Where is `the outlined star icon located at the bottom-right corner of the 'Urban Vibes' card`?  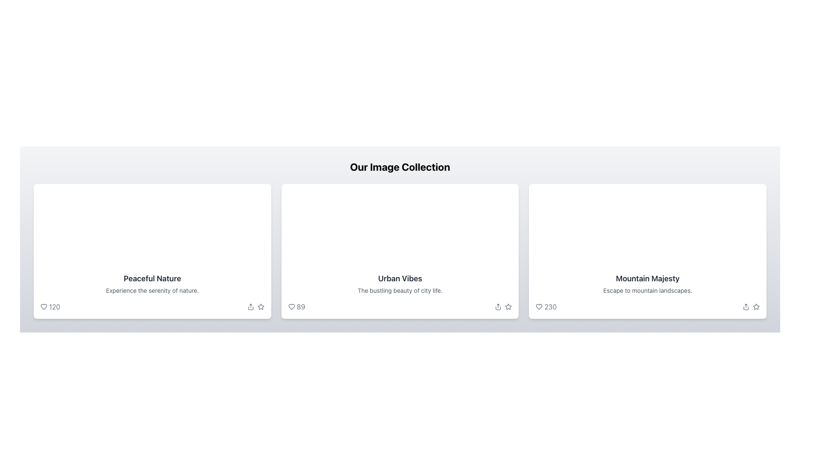
the outlined star icon located at the bottom-right corner of the 'Urban Vibes' card is located at coordinates (260, 306).